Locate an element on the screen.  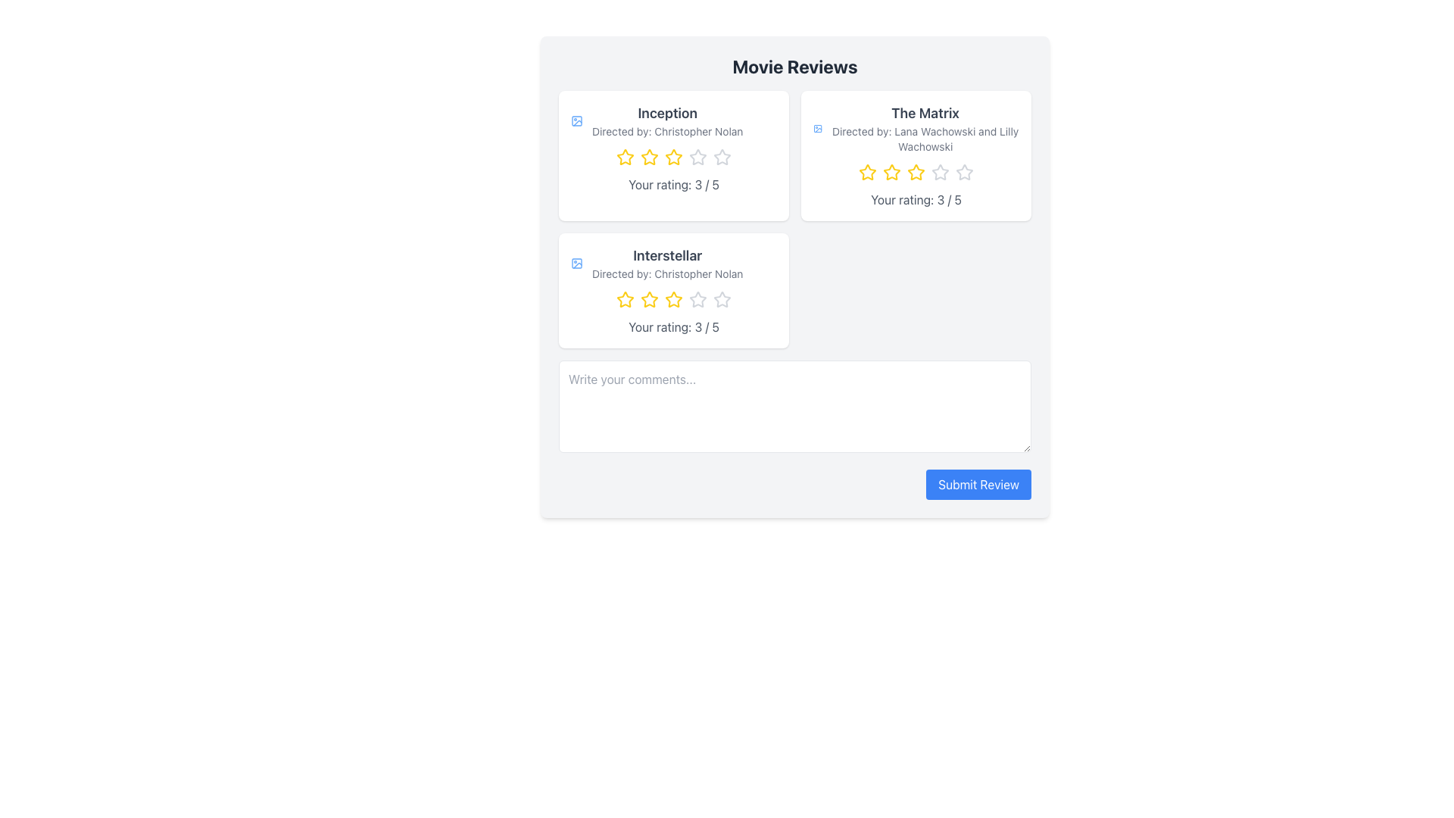
the Rating stars component located in the 'Interstellar' review section is located at coordinates (672, 300).